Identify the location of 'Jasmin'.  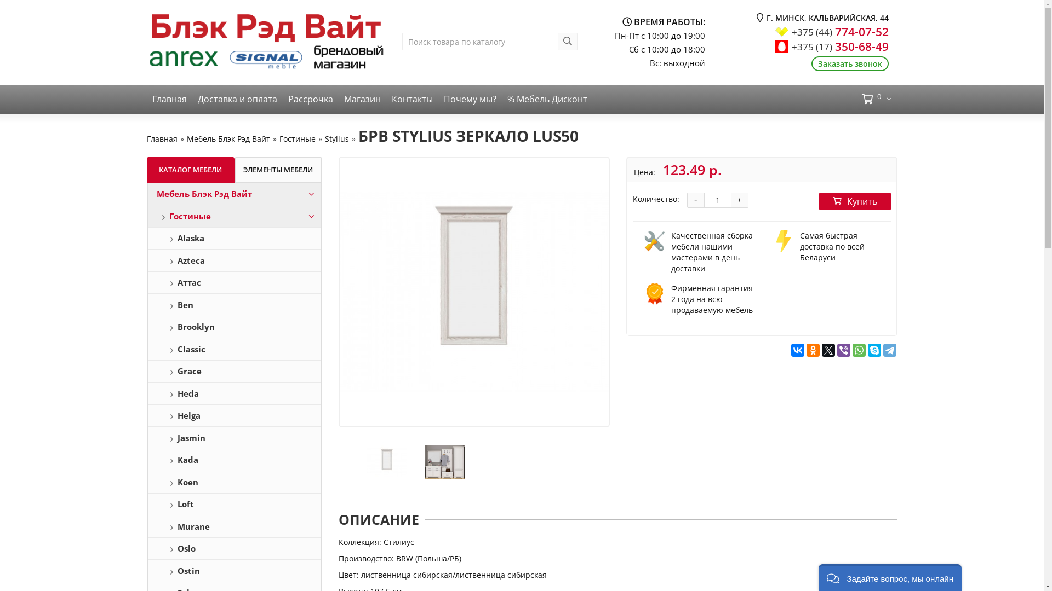
(233, 437).